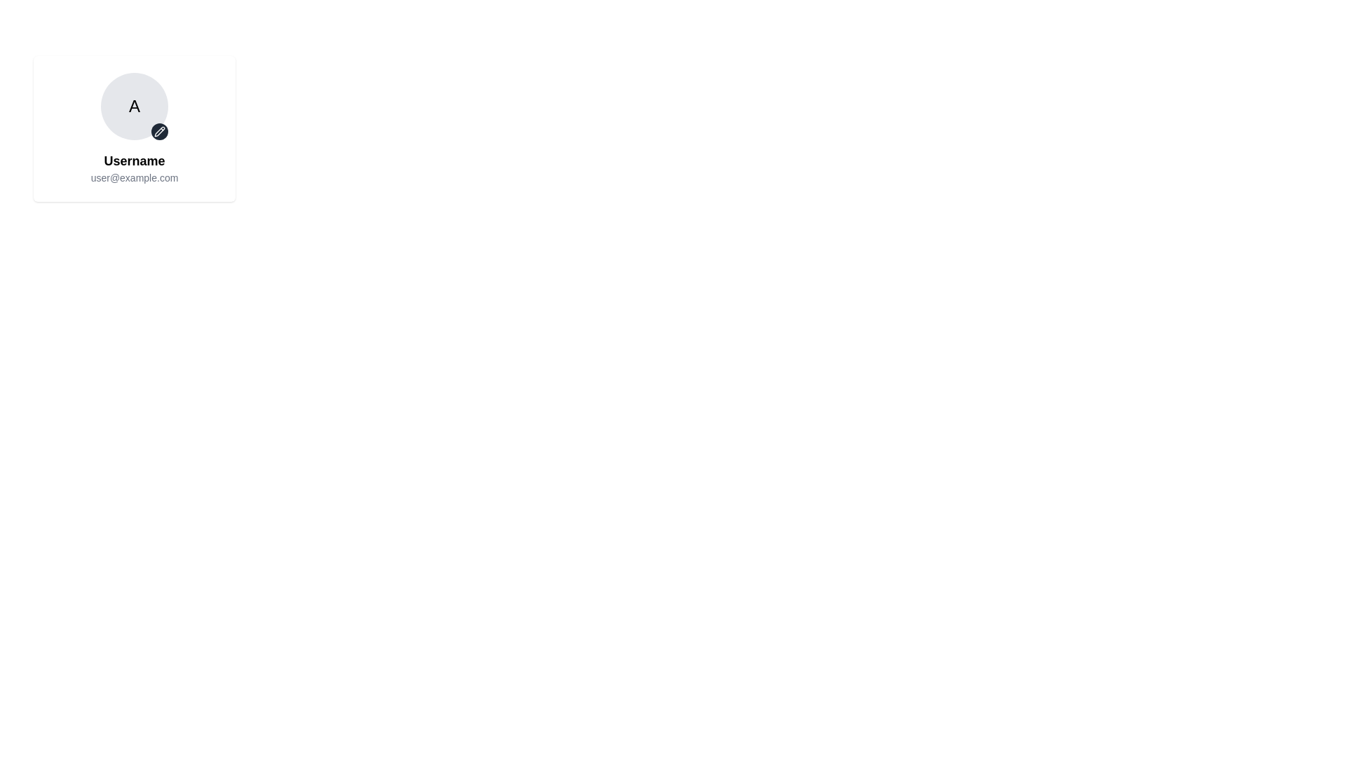 The height and width of the screenshot is (757, 1346). I want to click on the circular avatar with a gray background and the letter 'A', so click(135, 105).